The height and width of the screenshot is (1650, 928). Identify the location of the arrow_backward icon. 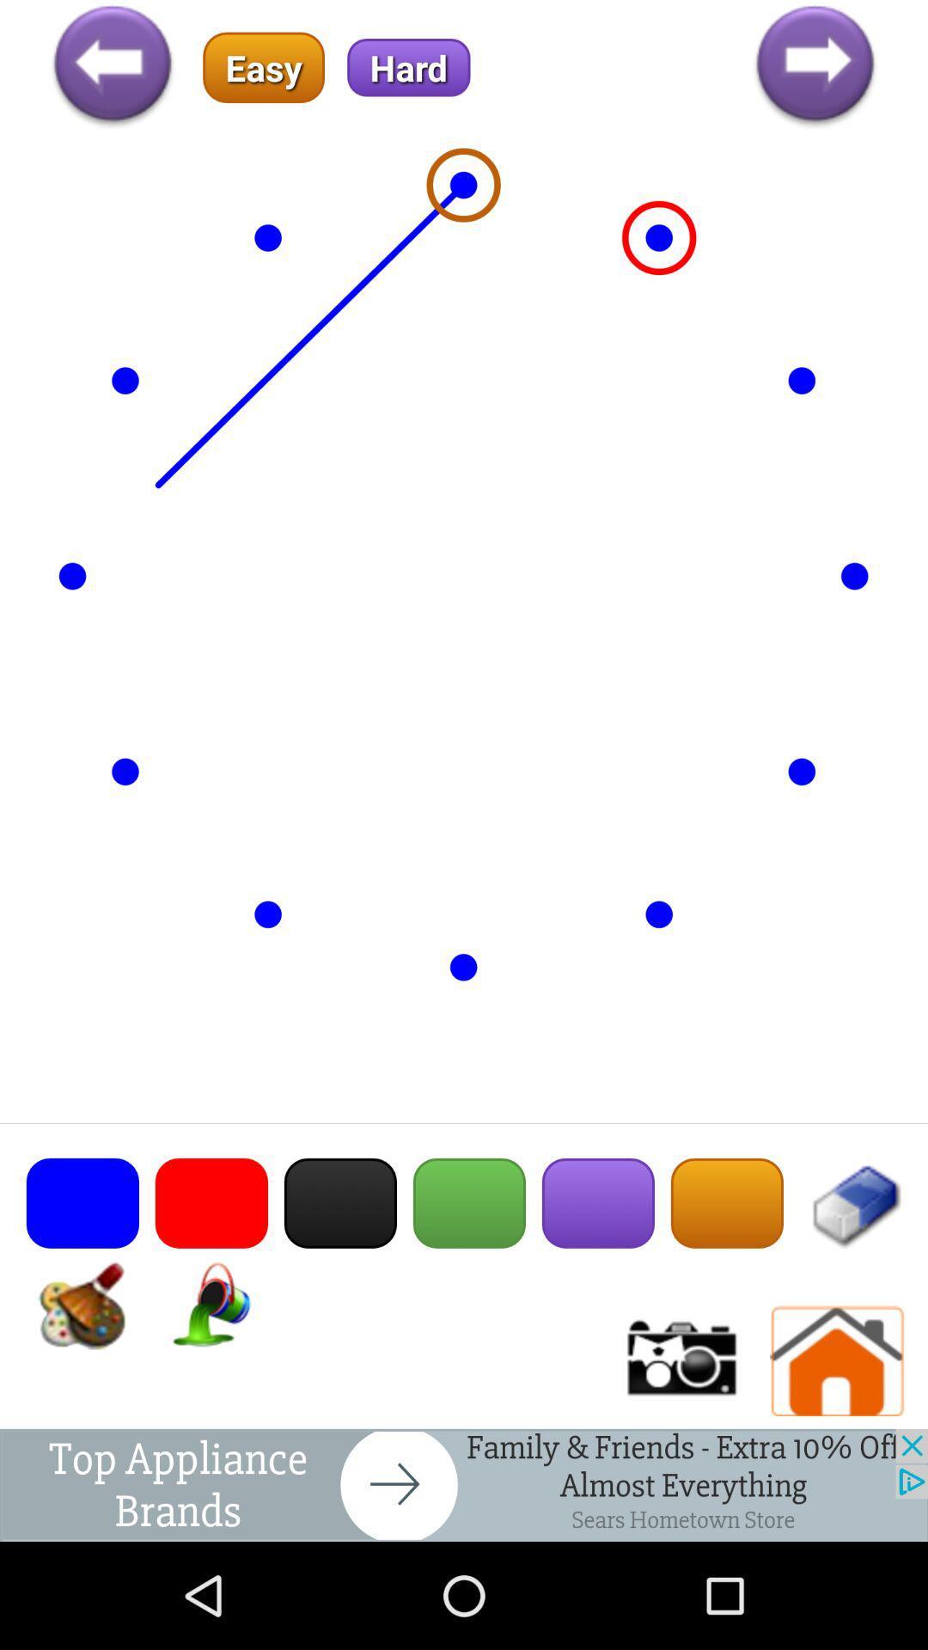
(113, 71).